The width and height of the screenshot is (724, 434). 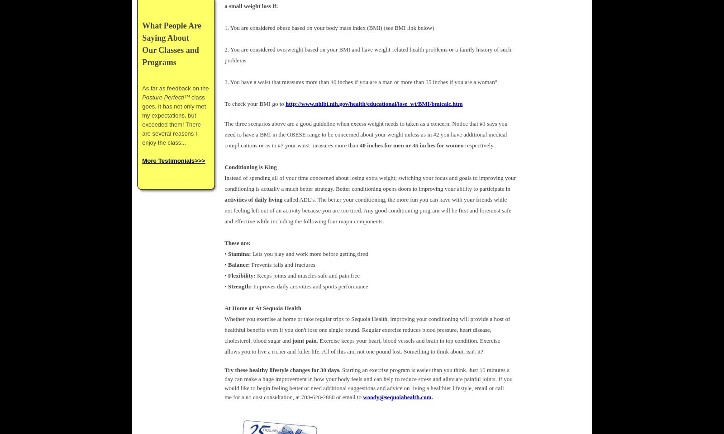 I want to click on 'Lets you play and work more before getting tired', so click(x=310, y=253).